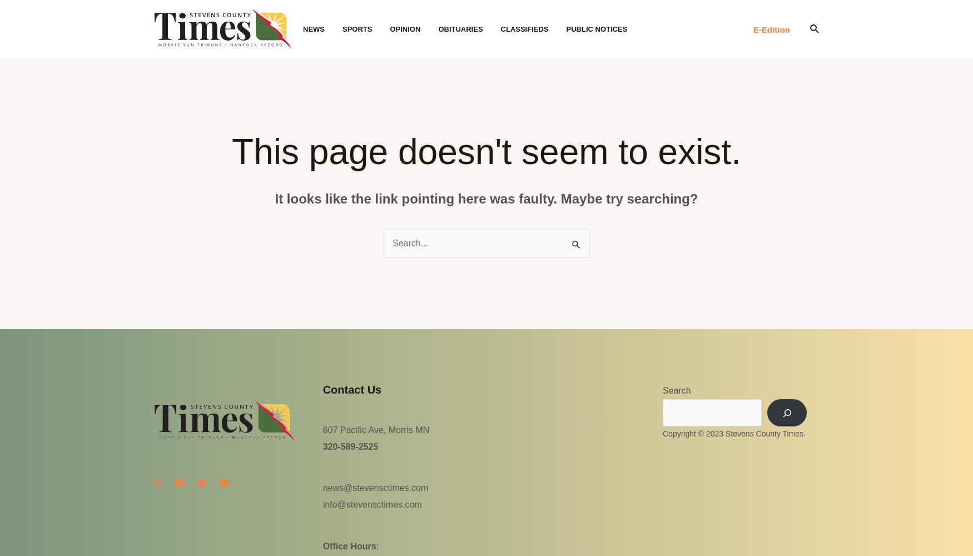  I want to click on 'E-Edition', so click(771, 29).